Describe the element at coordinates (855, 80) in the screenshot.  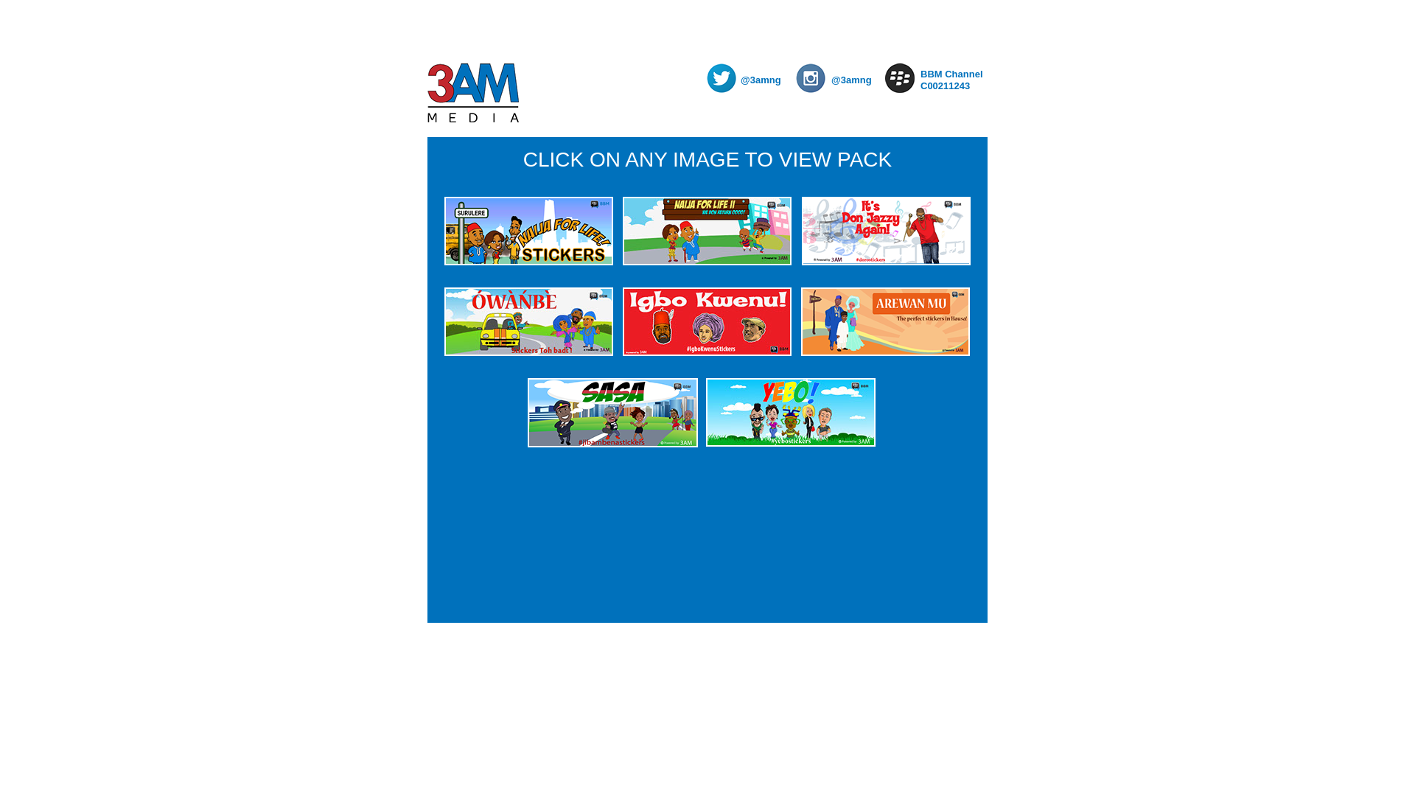
I see `'@3amng'` at that location.